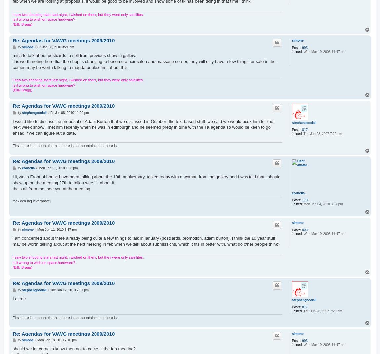  What do you see at coordinates (146, 179) in the screenshot?
I see `'Hi, we in Front of house have been talking about the 10th anniversary, talked today with a woman from the gallery and I was told that i should  show up on the meeting 27th to talk a wee bit about it.'` at bounding box center [146, 179].